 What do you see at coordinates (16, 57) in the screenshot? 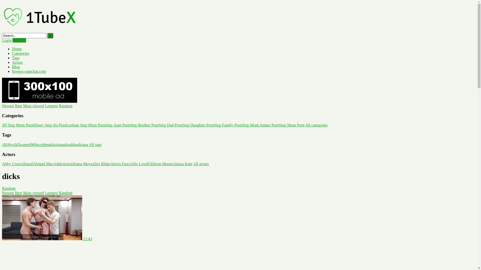
I see `'Tags'` at bounding box center [16, 57].